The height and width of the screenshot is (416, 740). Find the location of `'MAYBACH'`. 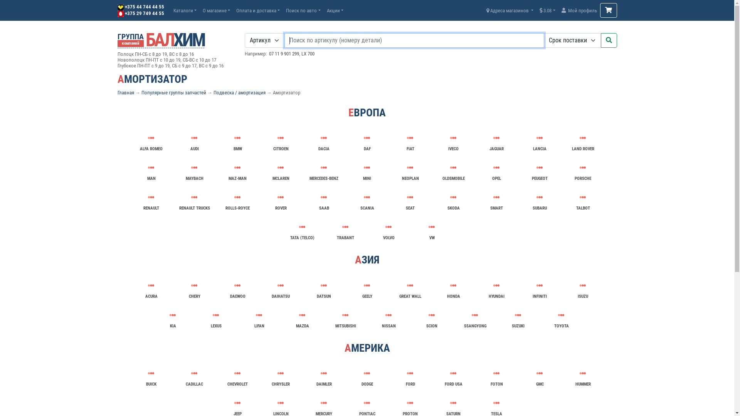

'MAYBACH' is located at coordinates (194, 167).